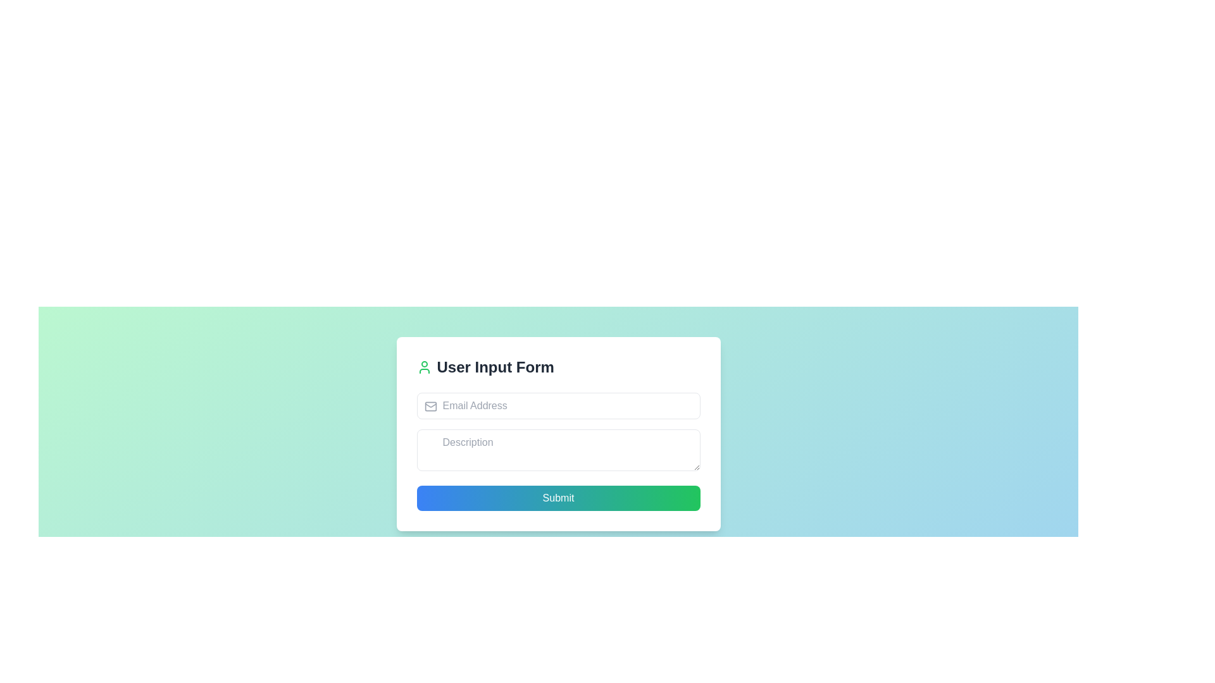  Describe the element at coordinates (558, 433) in the screenshot. I see `within the 'User Input Form' dialog box to enter data into the 'Email Address' or 'Description' fields` at that location.